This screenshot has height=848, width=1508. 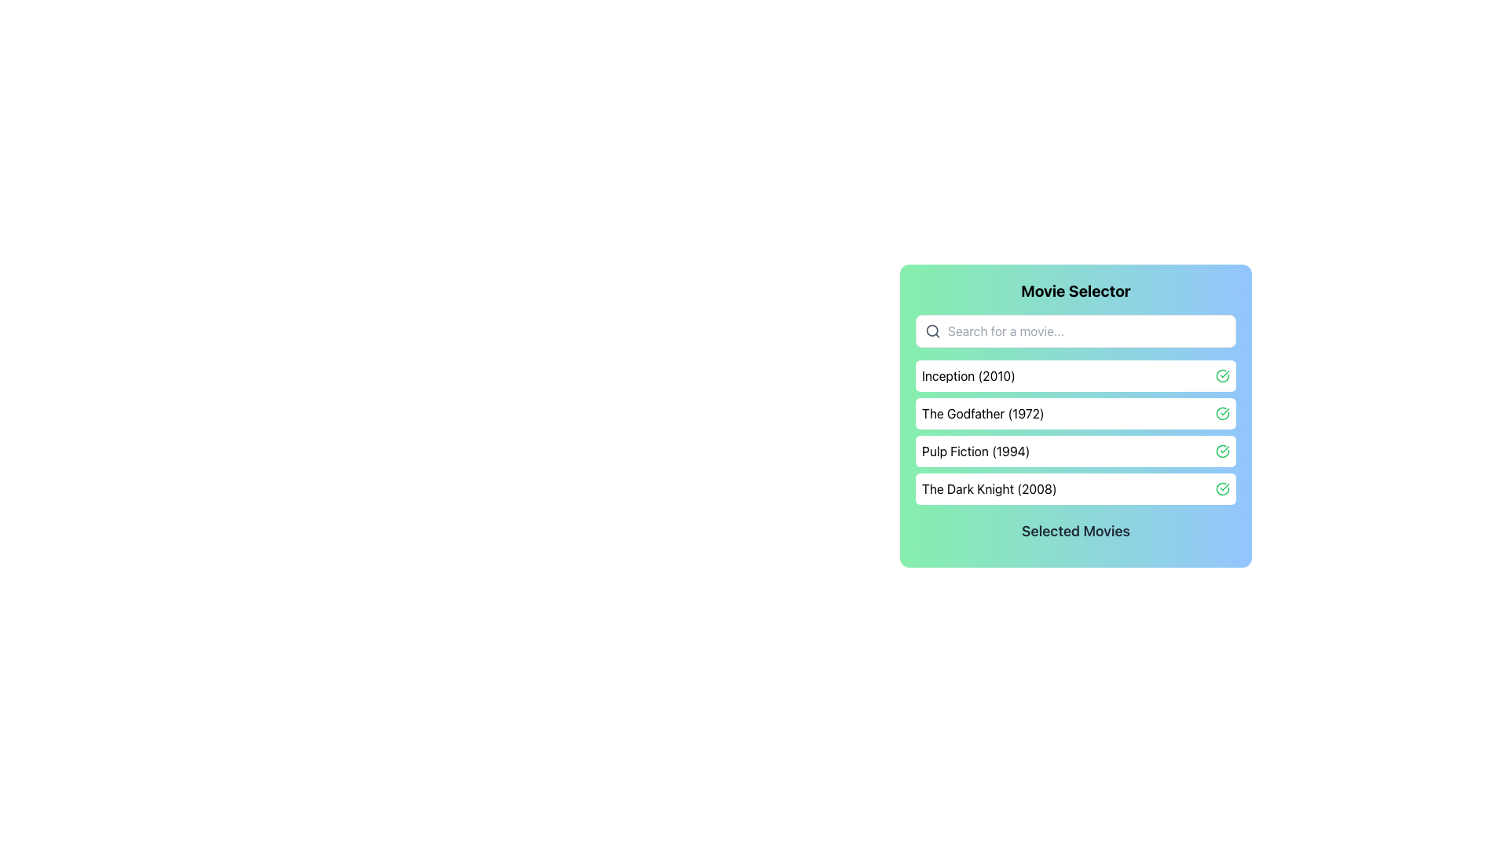 What do you see at coordinates (982, 413) in the screenshot?
I see `the non-interactive text label displaying the title and release year of the second movie in the 'Movie Selector' panel, located beneath 'Inception (2010)' and above 'Pulp Fiction (1994)'` at bounding box center [982, 413].